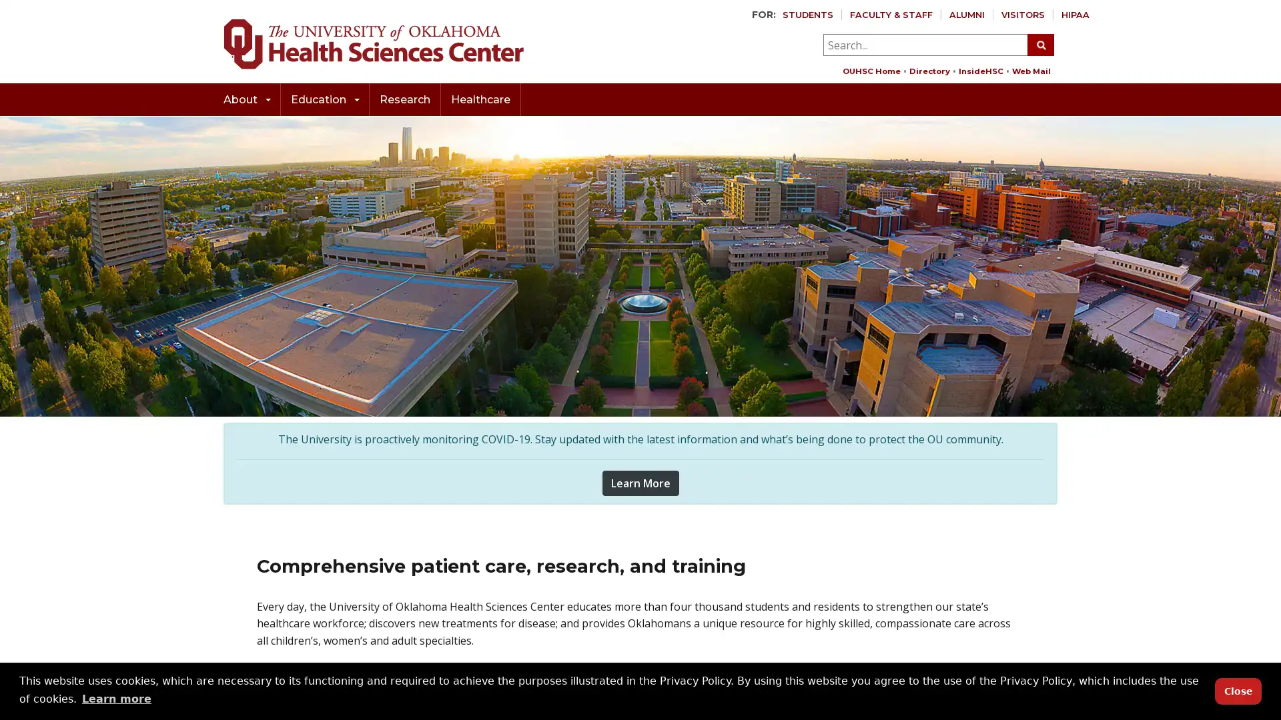  What do you see at coordinates (116, 698) in the screenshot?
I see `learn more about cookies` at bounding box center [116, 698].